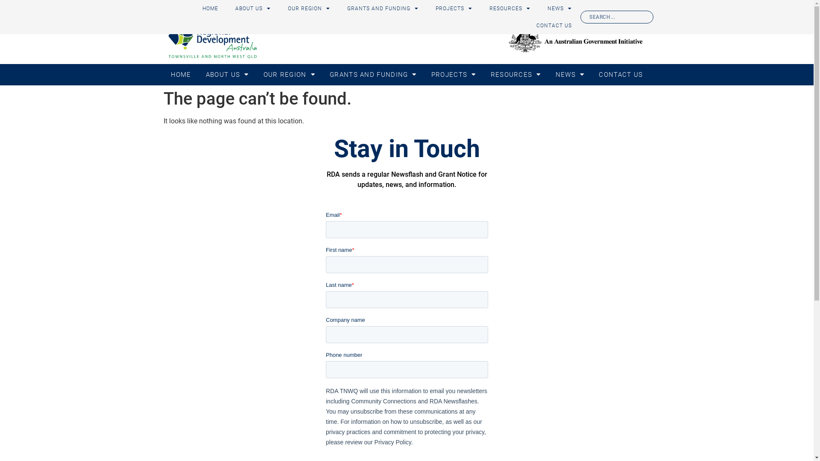 The image size is (820, 461). I want to click on 'NEWS', so click(559, 8).